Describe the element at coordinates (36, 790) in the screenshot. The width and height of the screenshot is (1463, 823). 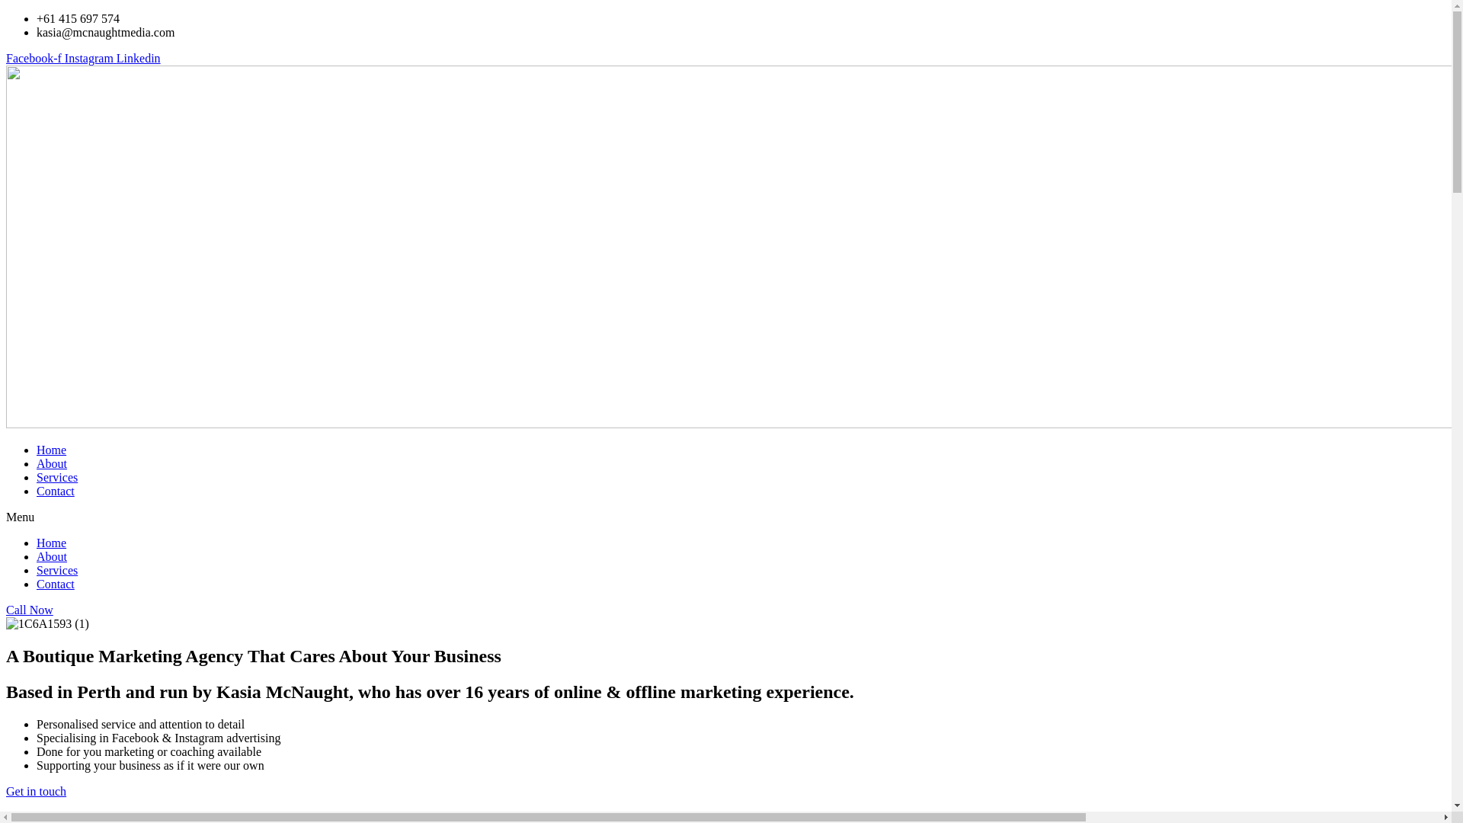
I see `'Get in touch'` at that location.